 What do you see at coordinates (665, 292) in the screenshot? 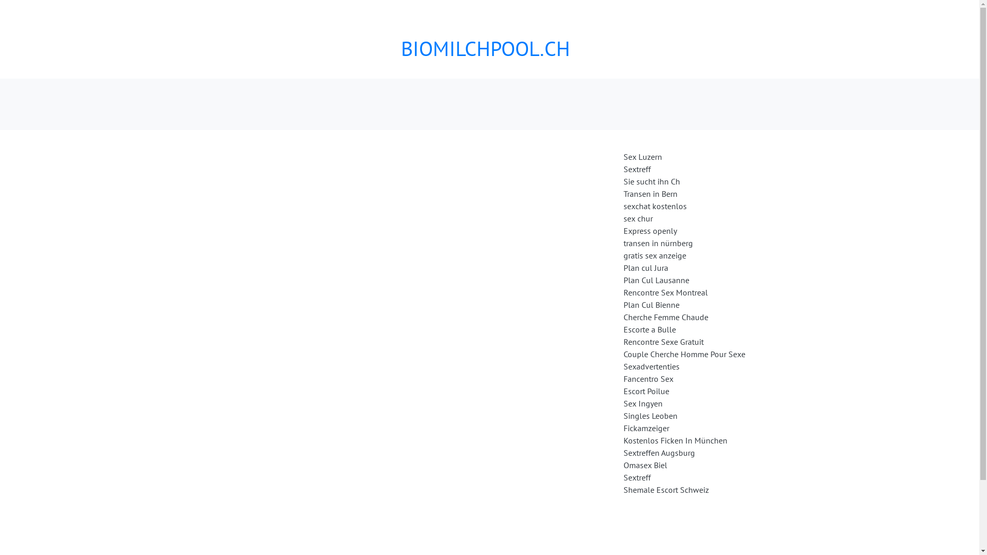
I see `'Rencontre Sex Montreal'` at bounding box center [665, 292].